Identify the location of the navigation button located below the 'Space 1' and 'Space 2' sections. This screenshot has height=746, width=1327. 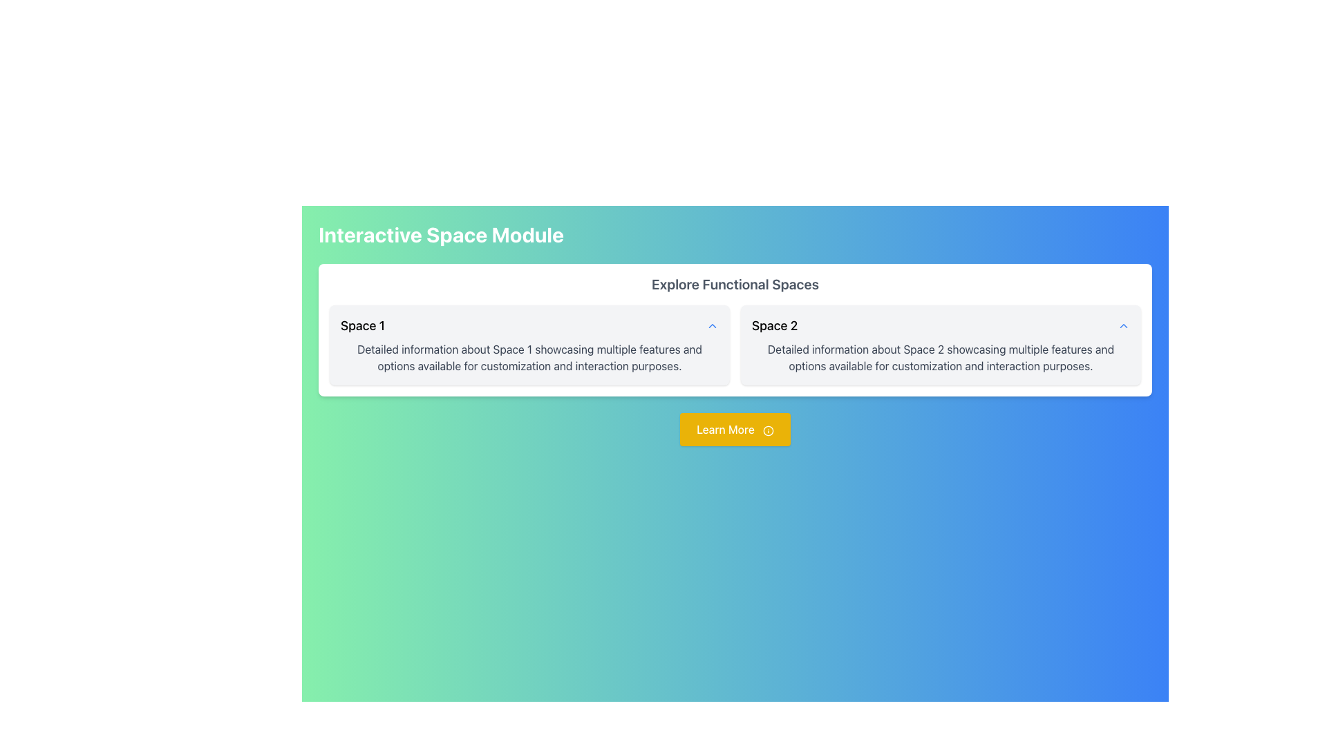
(735, 428).